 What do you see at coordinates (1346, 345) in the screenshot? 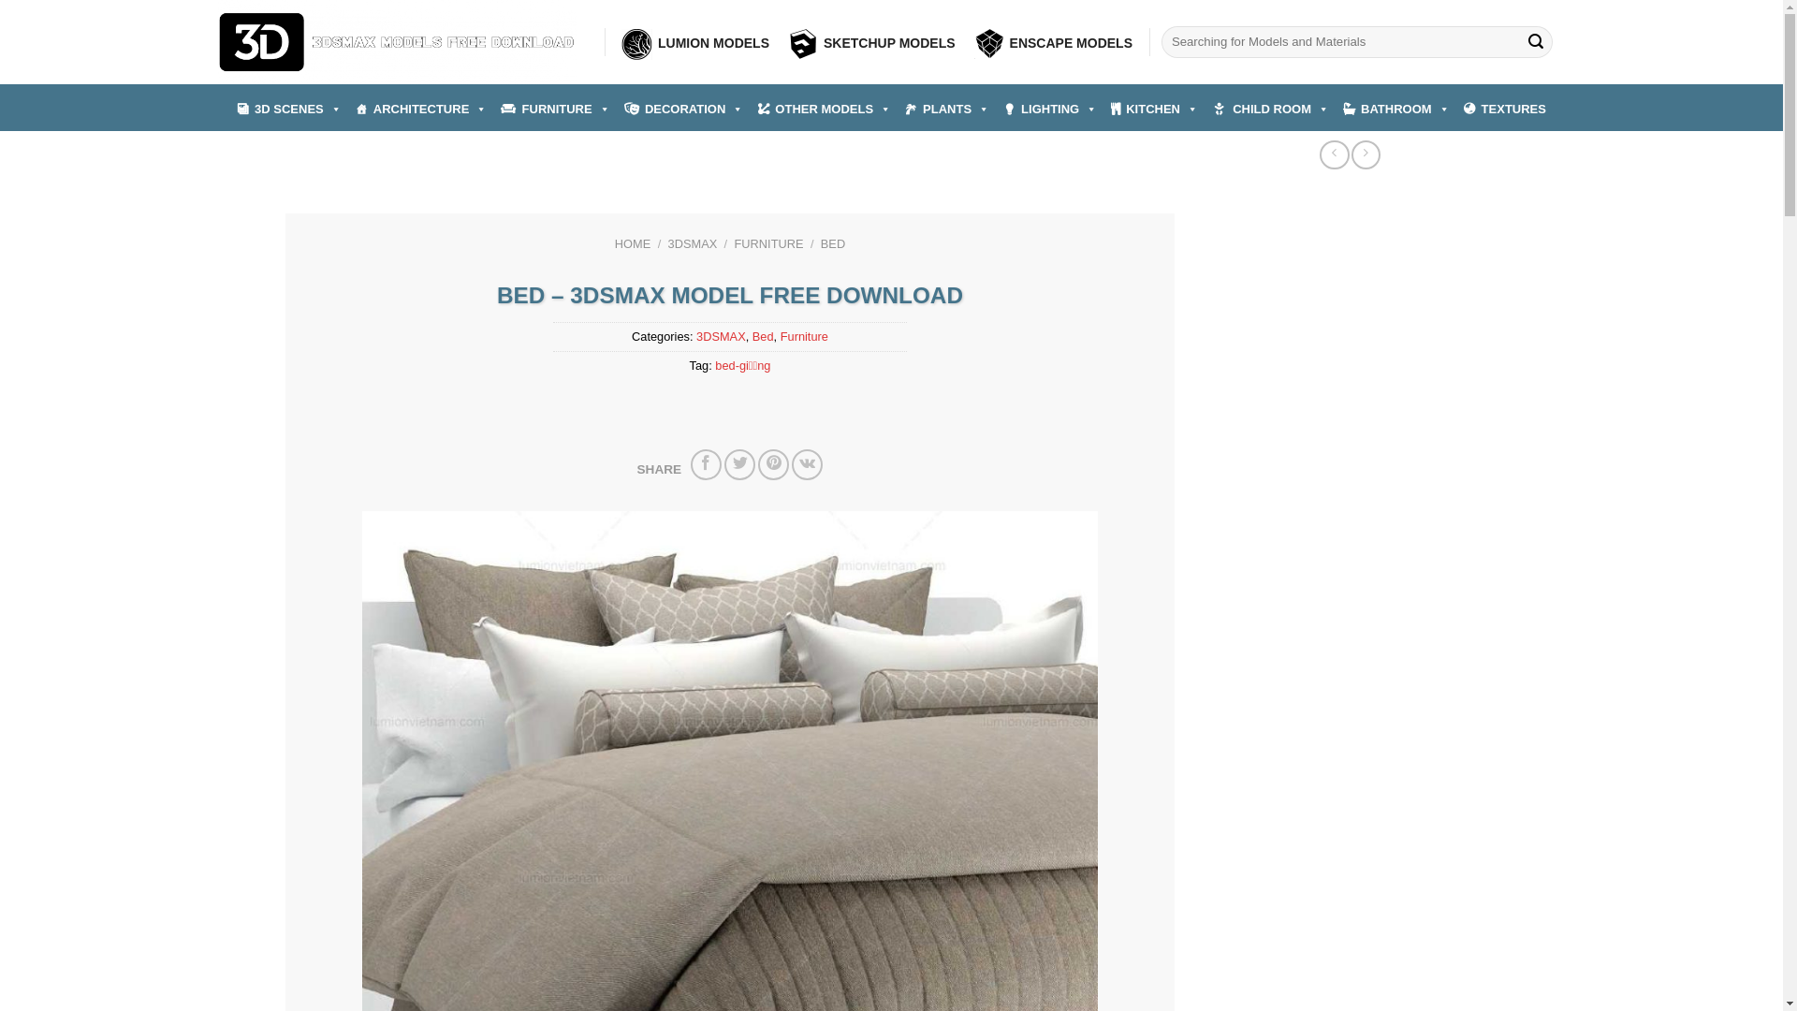
I see `'Advertisement'` at bounding box center [1346, 345].